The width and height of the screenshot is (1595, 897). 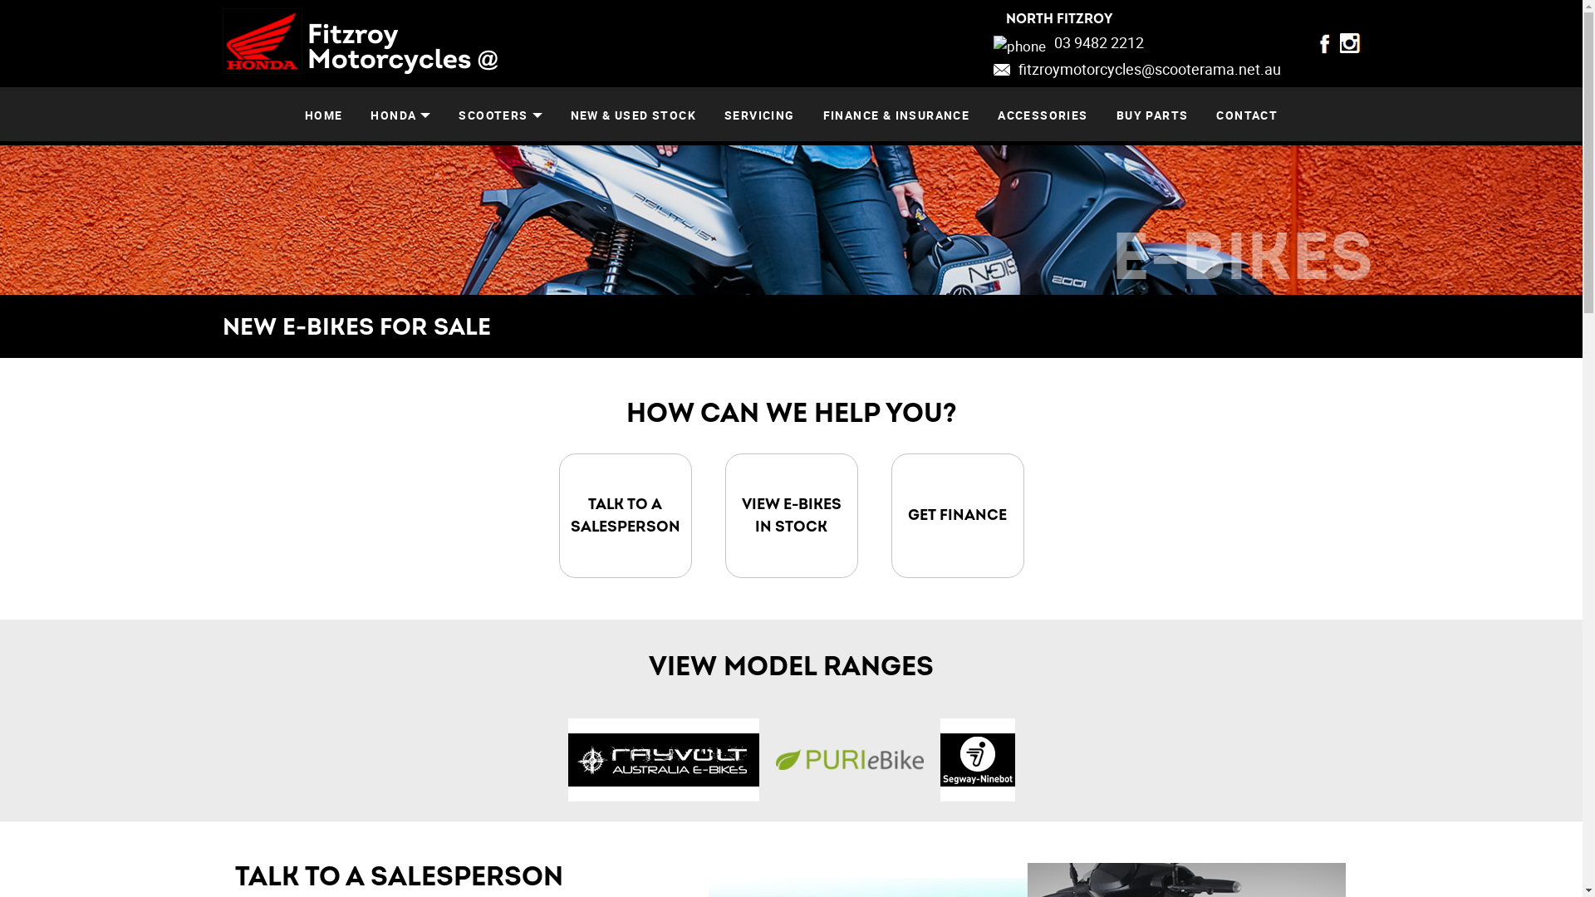 I want to click on 'CONTACT', so click(x=1247, y=114).